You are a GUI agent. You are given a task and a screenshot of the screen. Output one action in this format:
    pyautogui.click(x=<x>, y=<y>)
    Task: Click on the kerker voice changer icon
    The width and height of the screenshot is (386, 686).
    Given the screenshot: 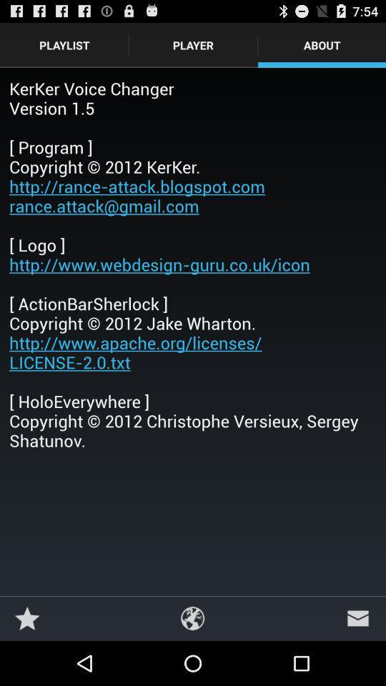 What is the action you would take?
    pyautogui.click(x=193, y=263)
    